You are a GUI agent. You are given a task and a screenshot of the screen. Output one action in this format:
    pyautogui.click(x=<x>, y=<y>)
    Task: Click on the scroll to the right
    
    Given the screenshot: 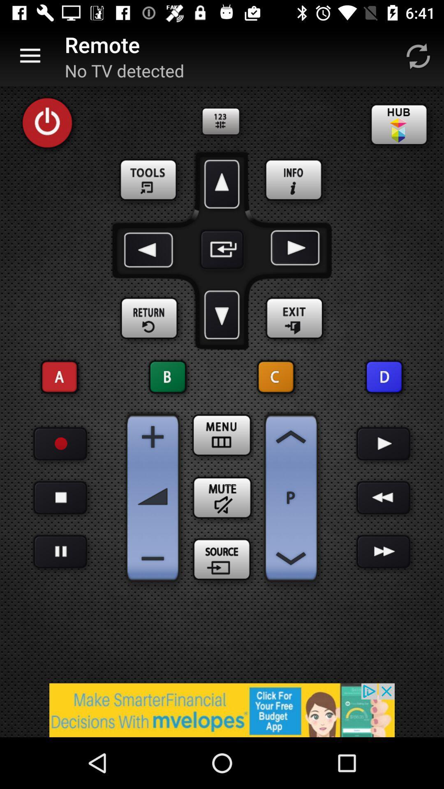 What is the action you would take?
    pyautogui.click(x=293, y=249)
    